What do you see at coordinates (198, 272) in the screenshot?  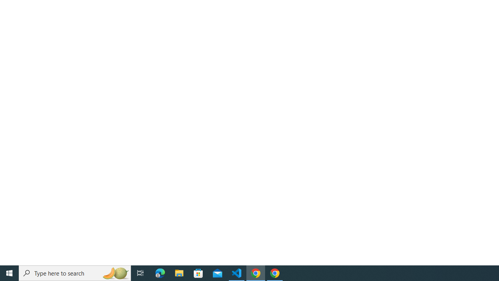 I see `'Microsoft Store'` at bounding box center [198, 272].